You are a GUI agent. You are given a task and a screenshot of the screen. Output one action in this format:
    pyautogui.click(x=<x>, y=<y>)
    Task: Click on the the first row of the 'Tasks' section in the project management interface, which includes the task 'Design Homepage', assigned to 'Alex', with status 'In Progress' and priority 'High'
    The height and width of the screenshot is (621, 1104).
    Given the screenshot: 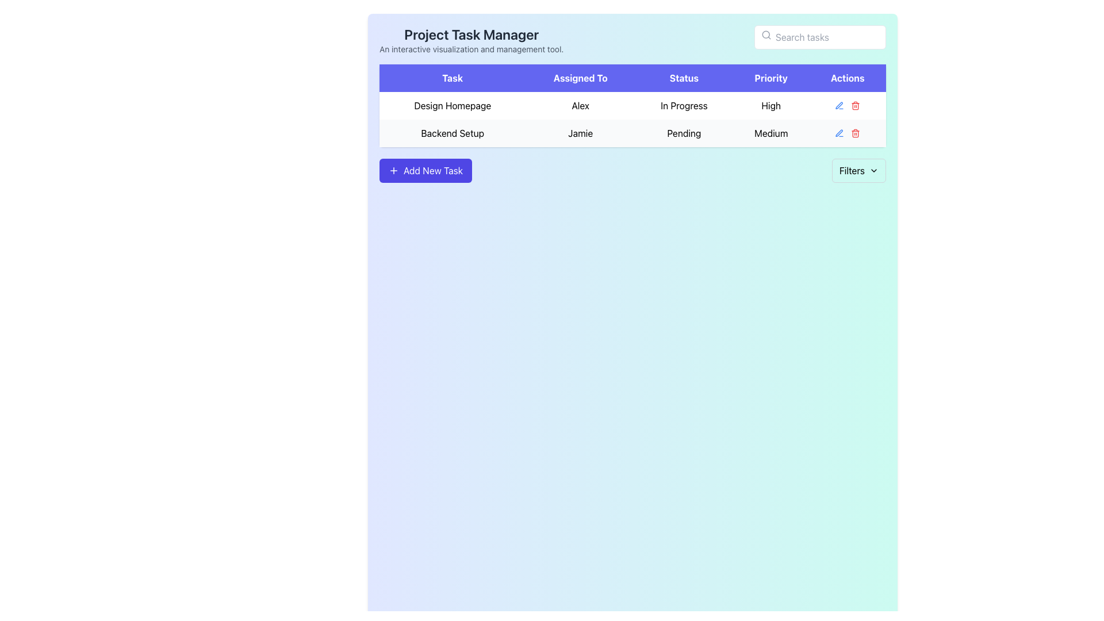 What is the action you would take?
    pyautogui.click(x=631, y=120)
    